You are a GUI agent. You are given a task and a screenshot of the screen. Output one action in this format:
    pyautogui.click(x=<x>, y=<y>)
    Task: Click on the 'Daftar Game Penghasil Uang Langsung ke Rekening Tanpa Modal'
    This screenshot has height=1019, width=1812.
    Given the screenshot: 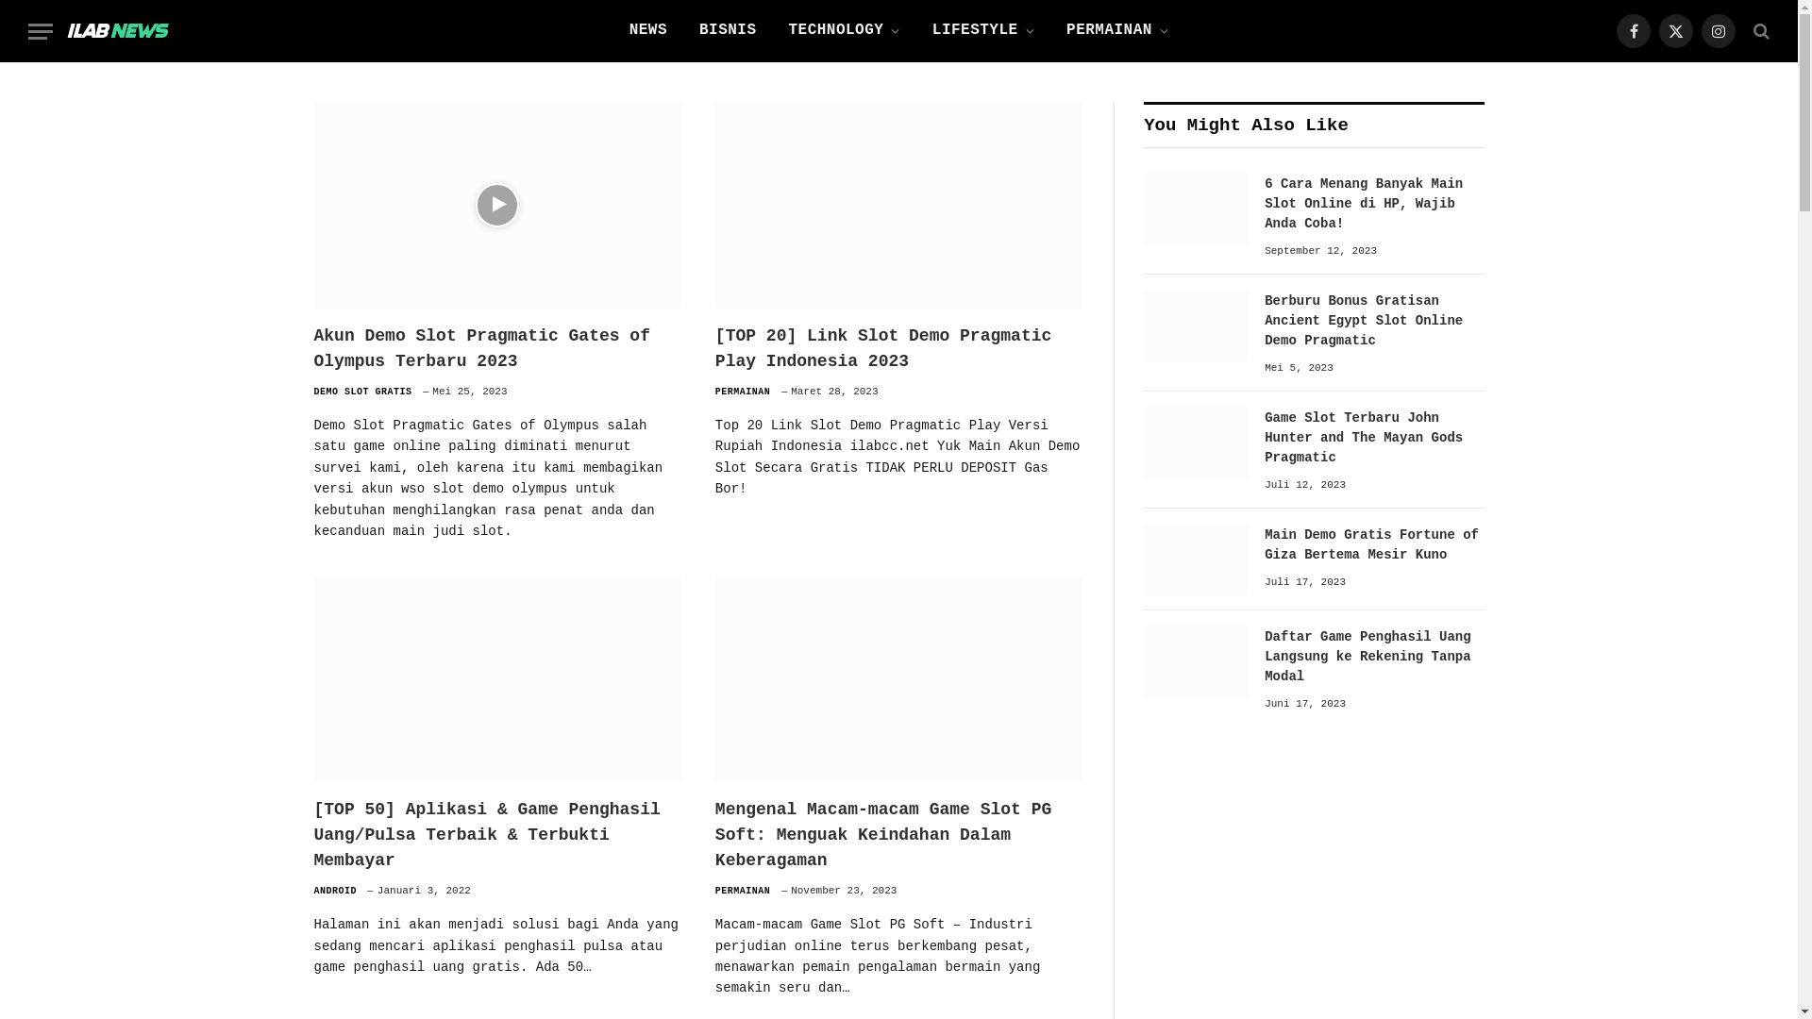 What is the action you would take?
    pyautogui.click(x=1195, y=660)
    